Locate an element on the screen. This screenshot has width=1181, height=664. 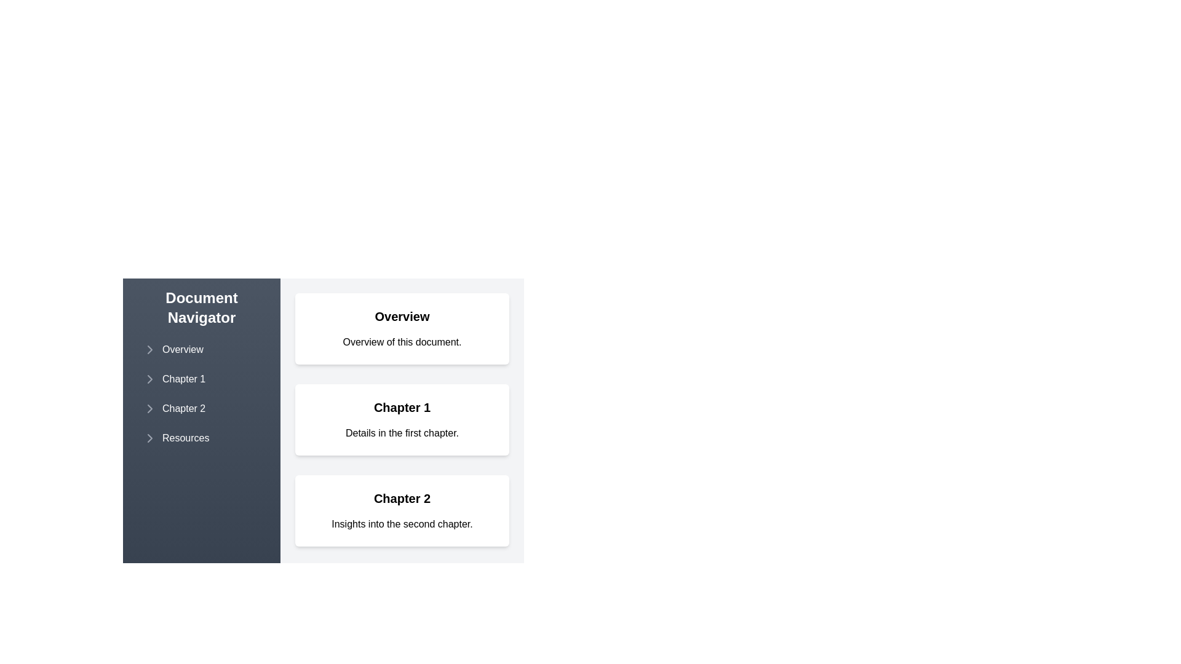
the right-pointing chevron icon styled in gray, which is positioned to the left of the text 'Chapter 1' in the sidebar navigation menu is located at coordinates (149, 379).